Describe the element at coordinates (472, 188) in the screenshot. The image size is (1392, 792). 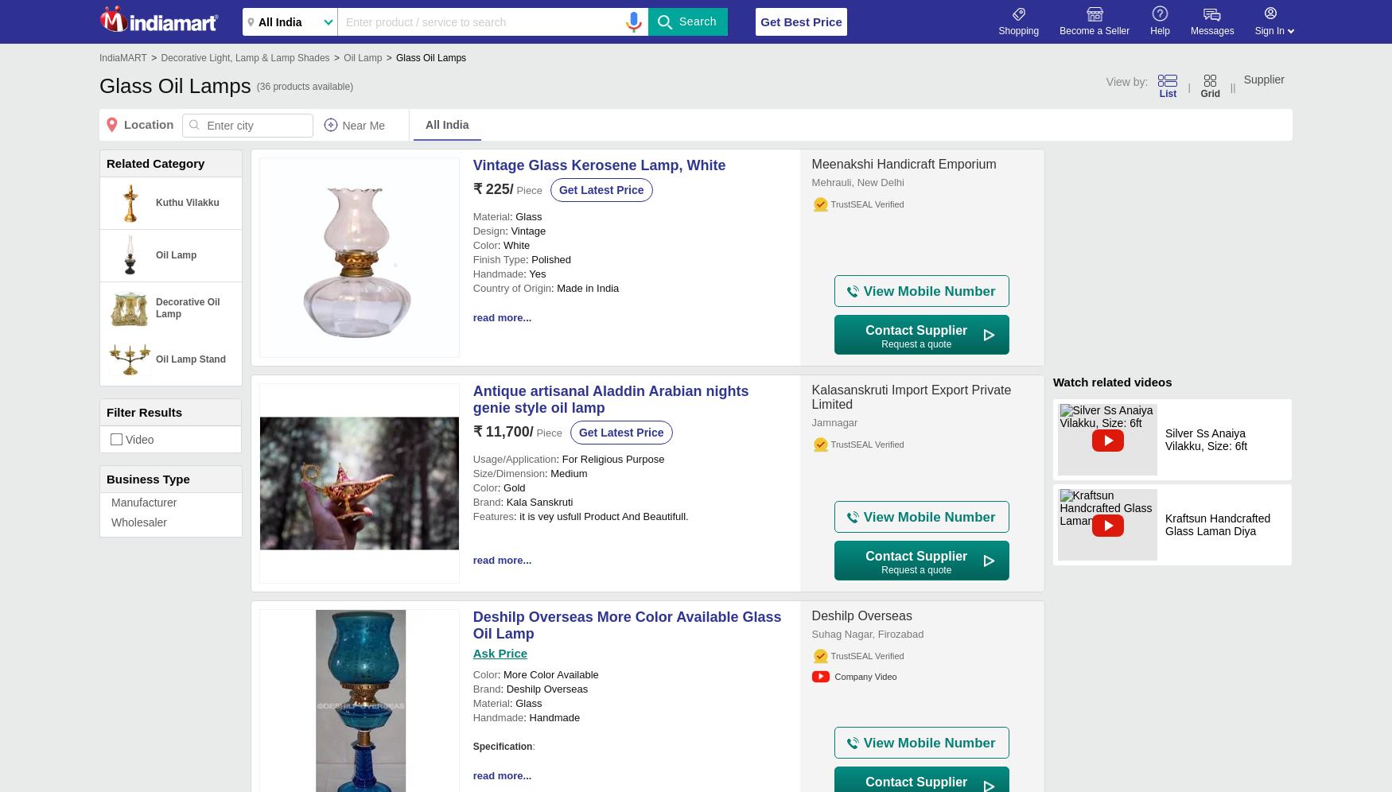
I see `'₹ 225/'` at that location.